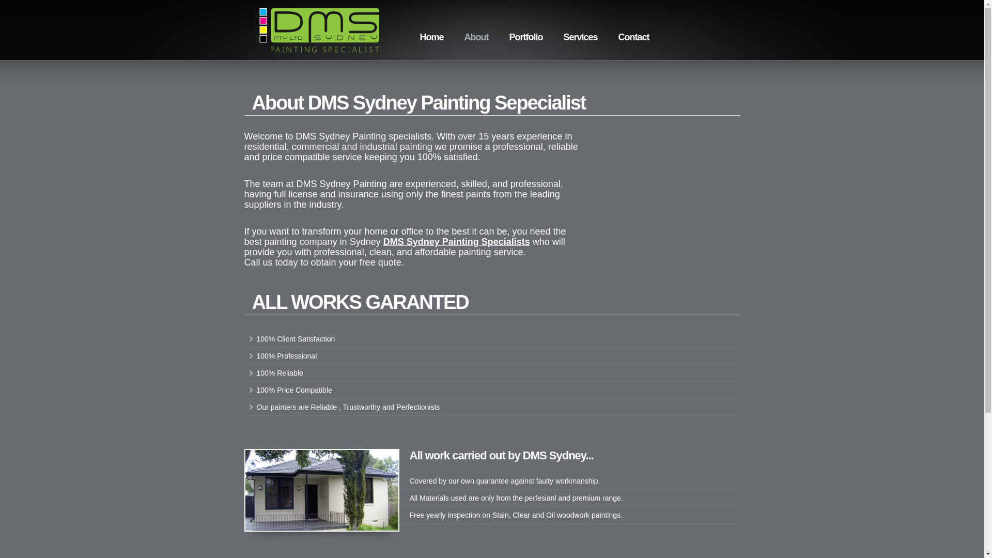  I want to click on 'Home', so click(431, 37).